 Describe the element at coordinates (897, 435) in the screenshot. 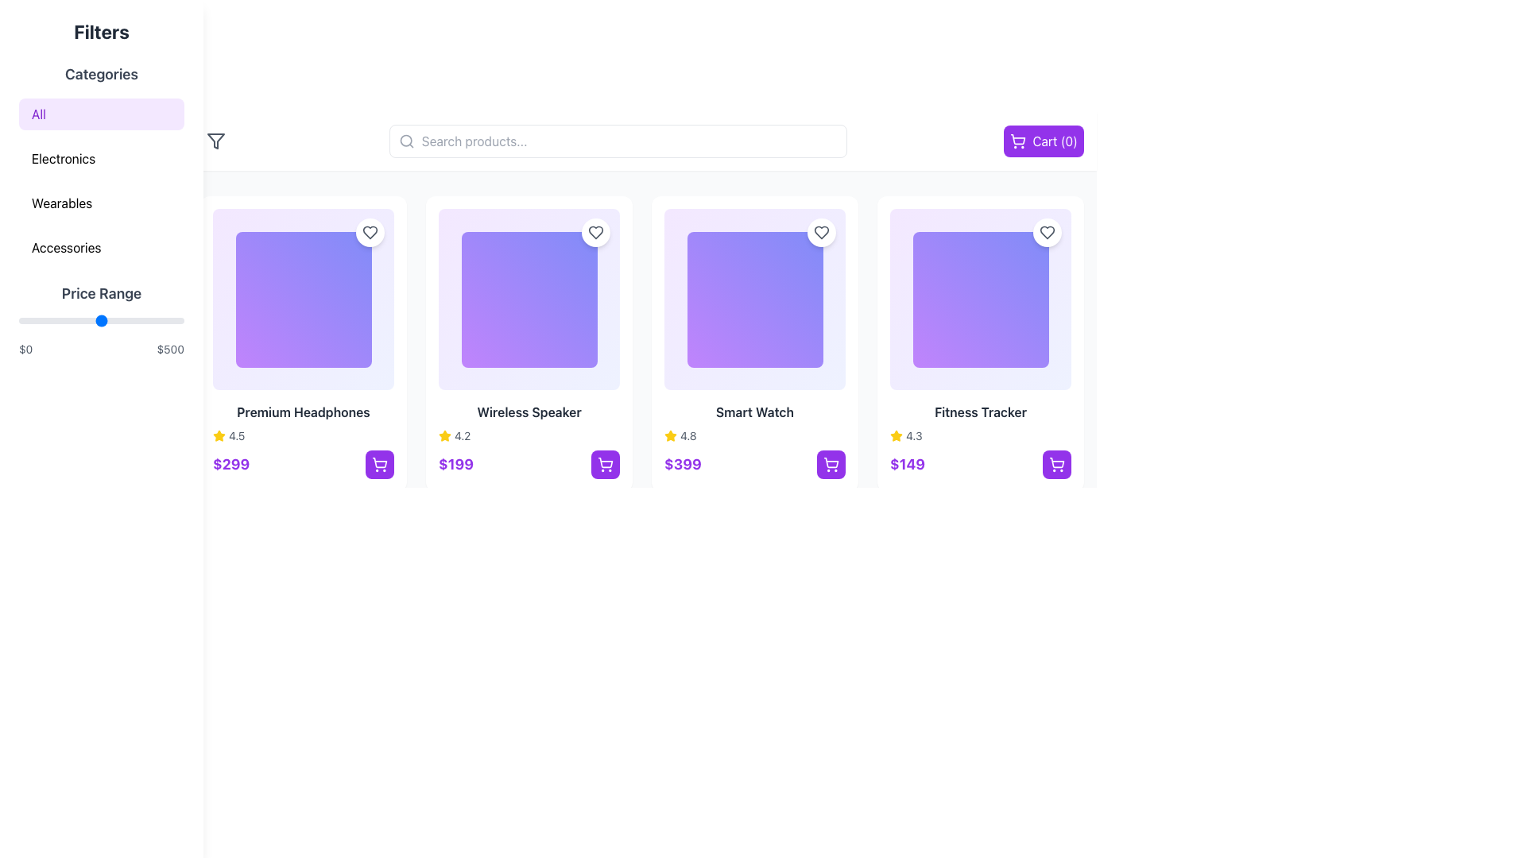

I see `the star icon that visually represents the rating of the fitness tracker product, located directly to the left of the text '4.3'` at that location.